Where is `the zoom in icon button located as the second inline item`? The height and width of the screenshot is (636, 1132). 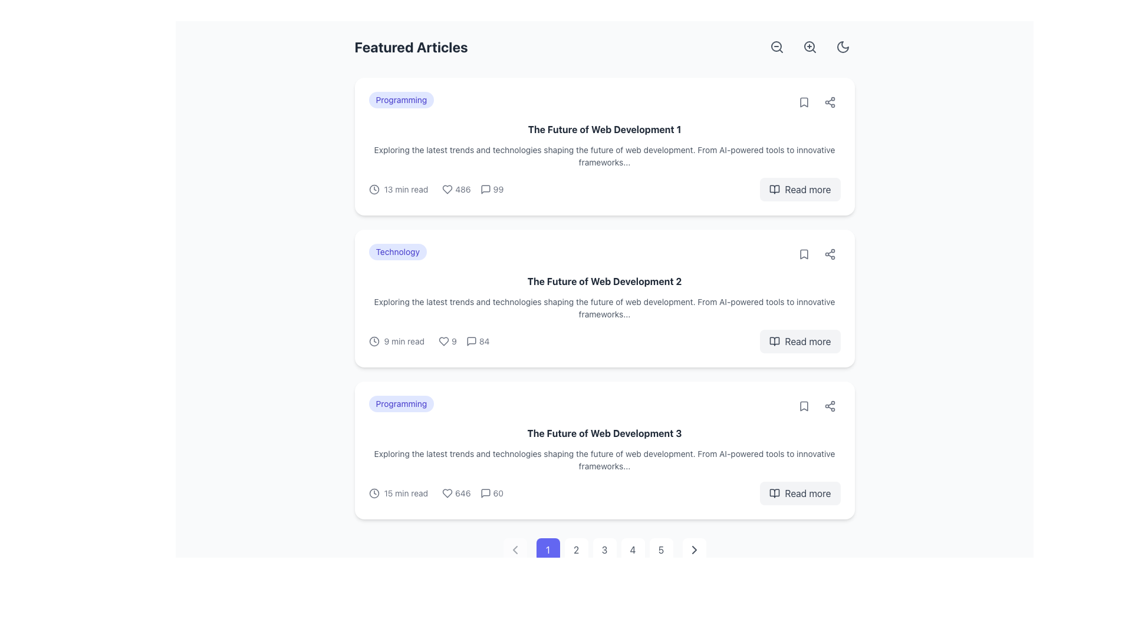
the zoom in icon button located as the second inline item is located at coordinates (809, 47).